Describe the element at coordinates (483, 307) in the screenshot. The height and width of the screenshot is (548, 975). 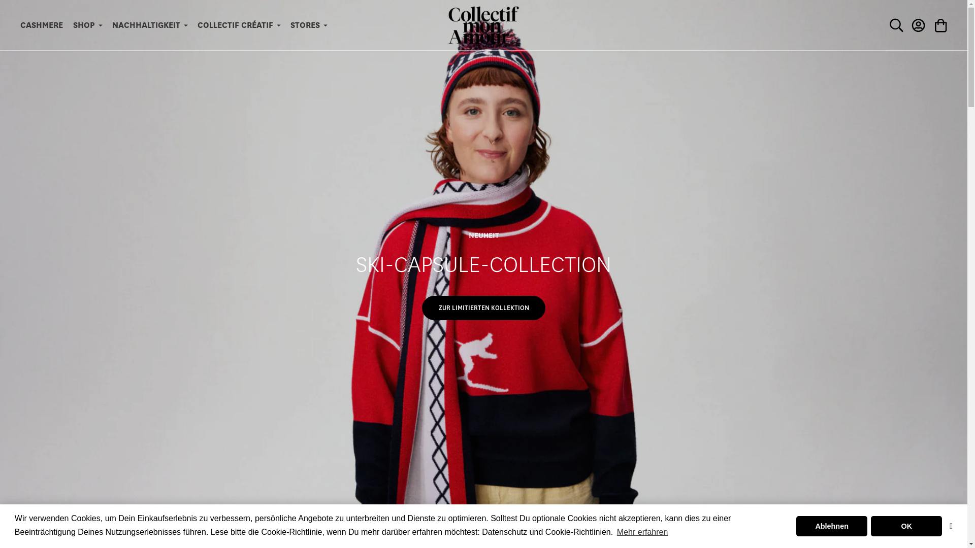
I see `'ZUR LIMITIERTEN KOLLEKTION'` at that location.